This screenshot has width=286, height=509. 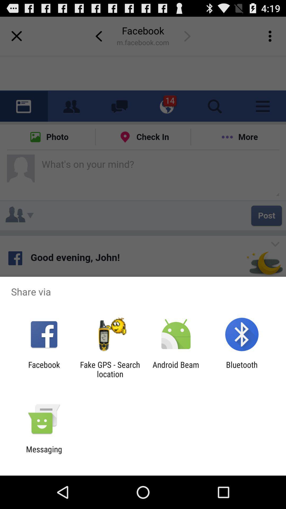 What do you see at coordinates (44, 369) in the screenshot?
I see `app next to fake gps search app` at bounding box center [44, 369].